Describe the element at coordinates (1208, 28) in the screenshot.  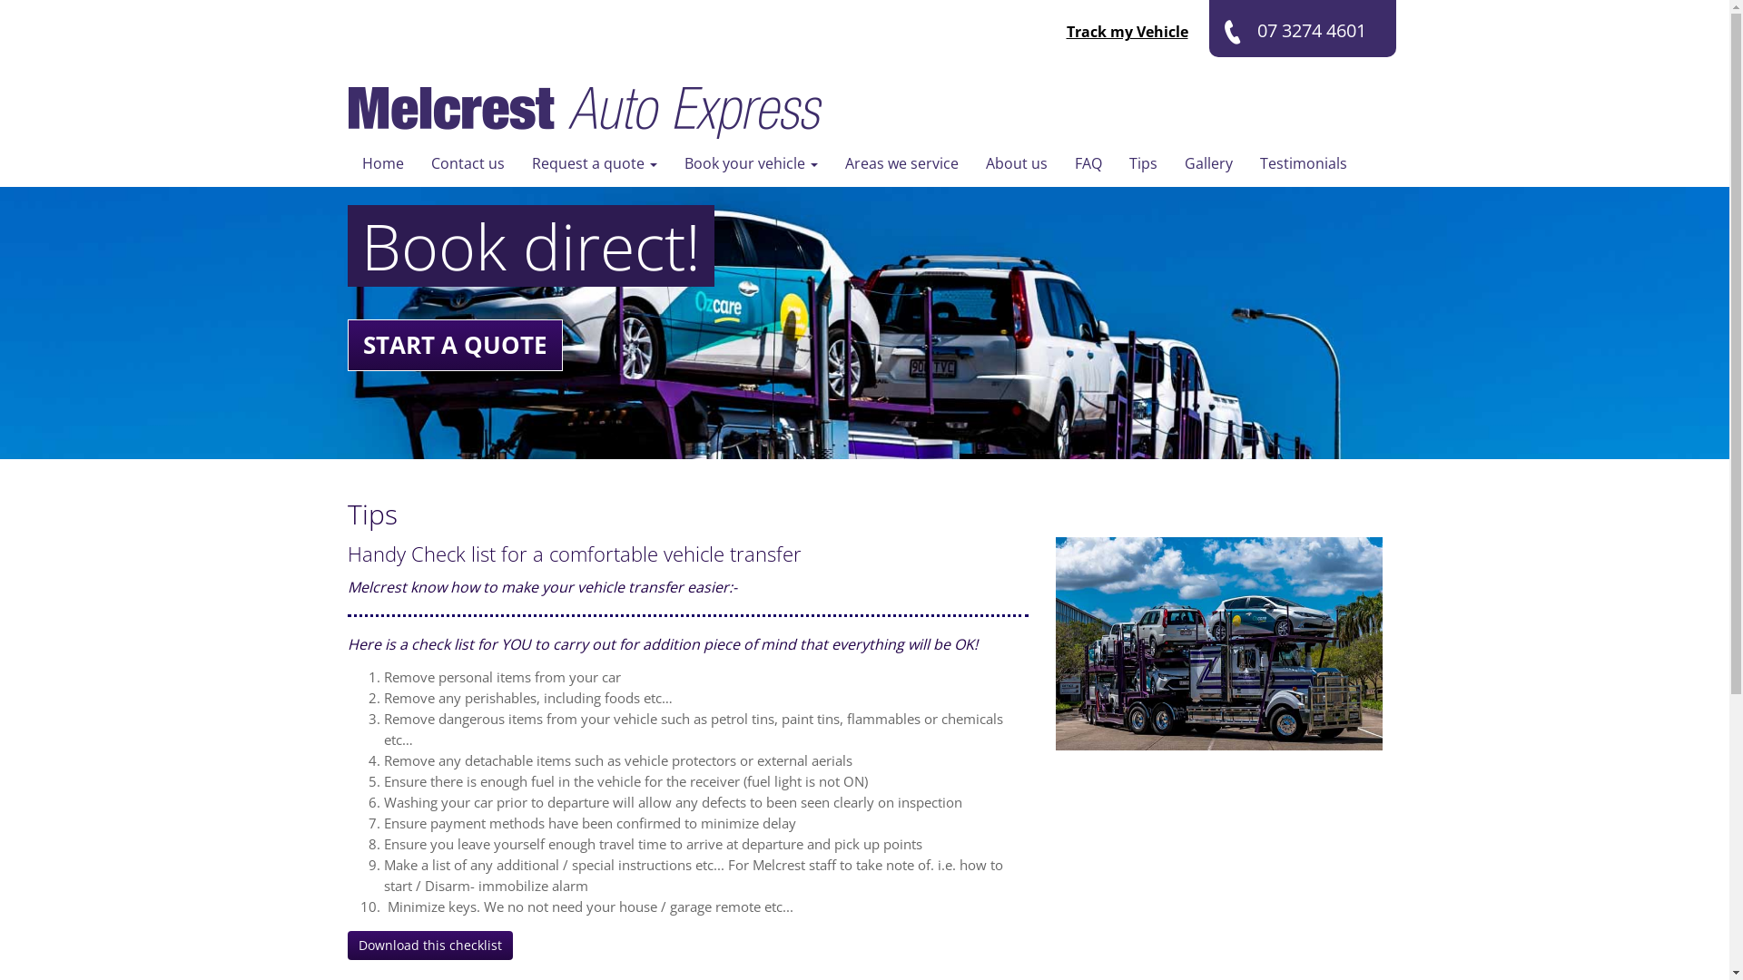
I see `'07 3274 4601'` at that location.